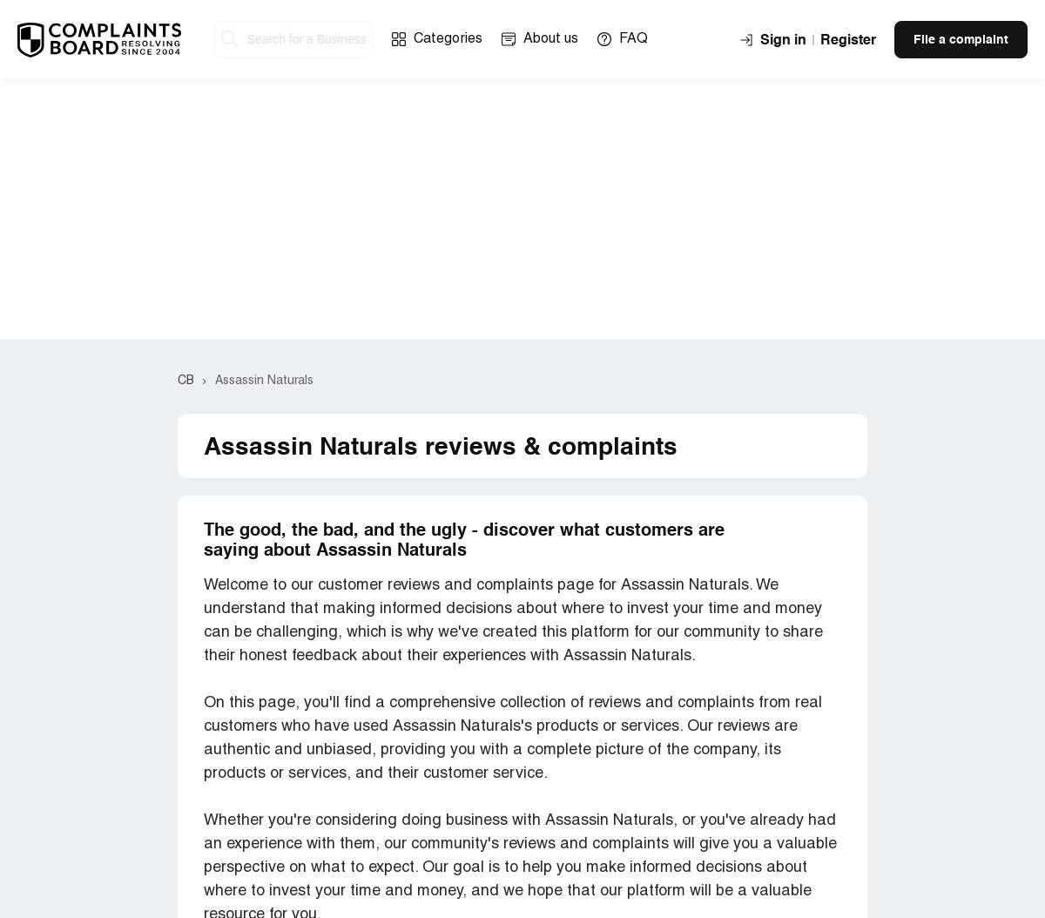 The height and width of the screenshot is (918, 1045). What do you see at coordinates (316, 418) in the screenshot?
I see `'We are here to help'` at bounding box center [316, 418].